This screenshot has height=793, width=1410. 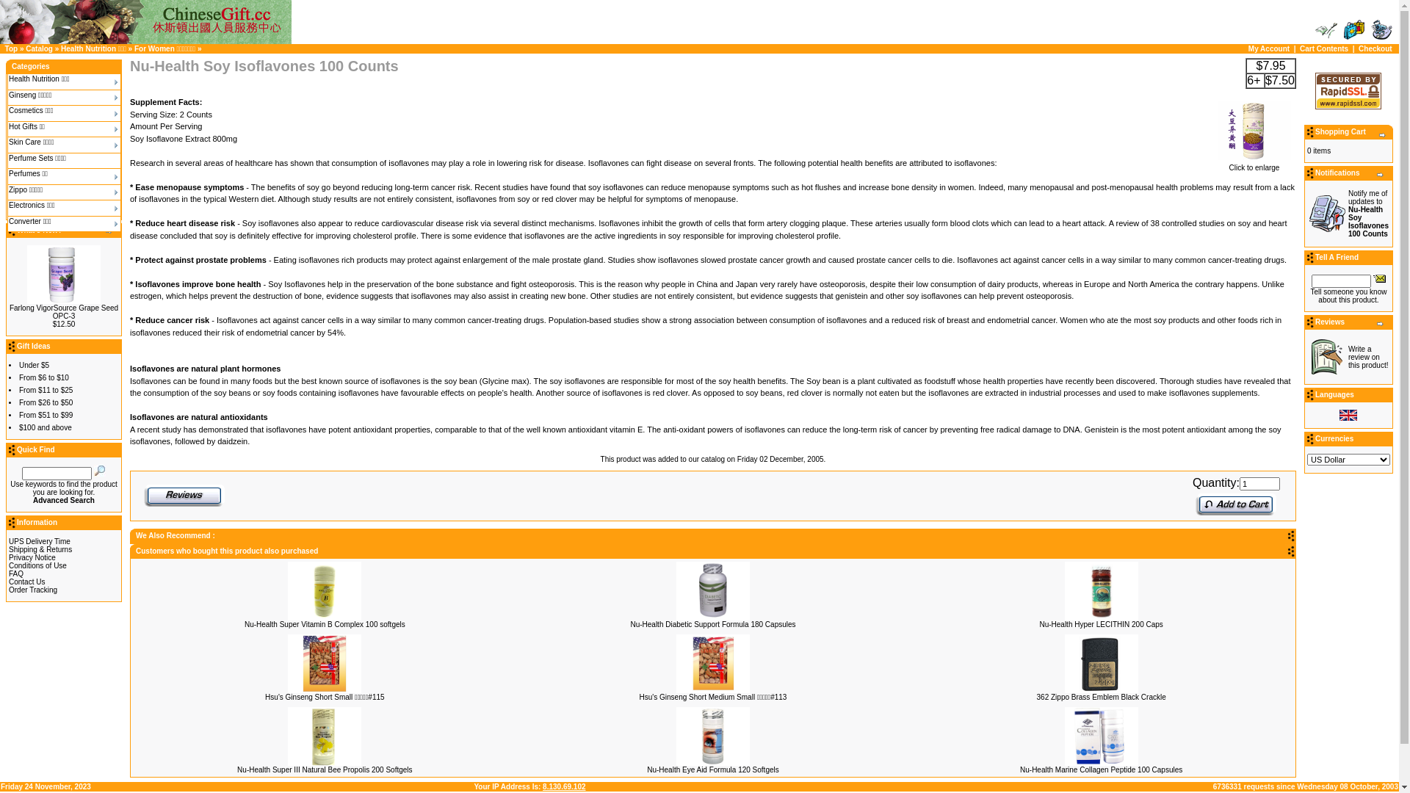 What do you see at coordinates (712, 589) in the screenshot?
I see `' Nu-Health Diabetic Support Formula 180 Capsules '` at bounding box center [712, 589].